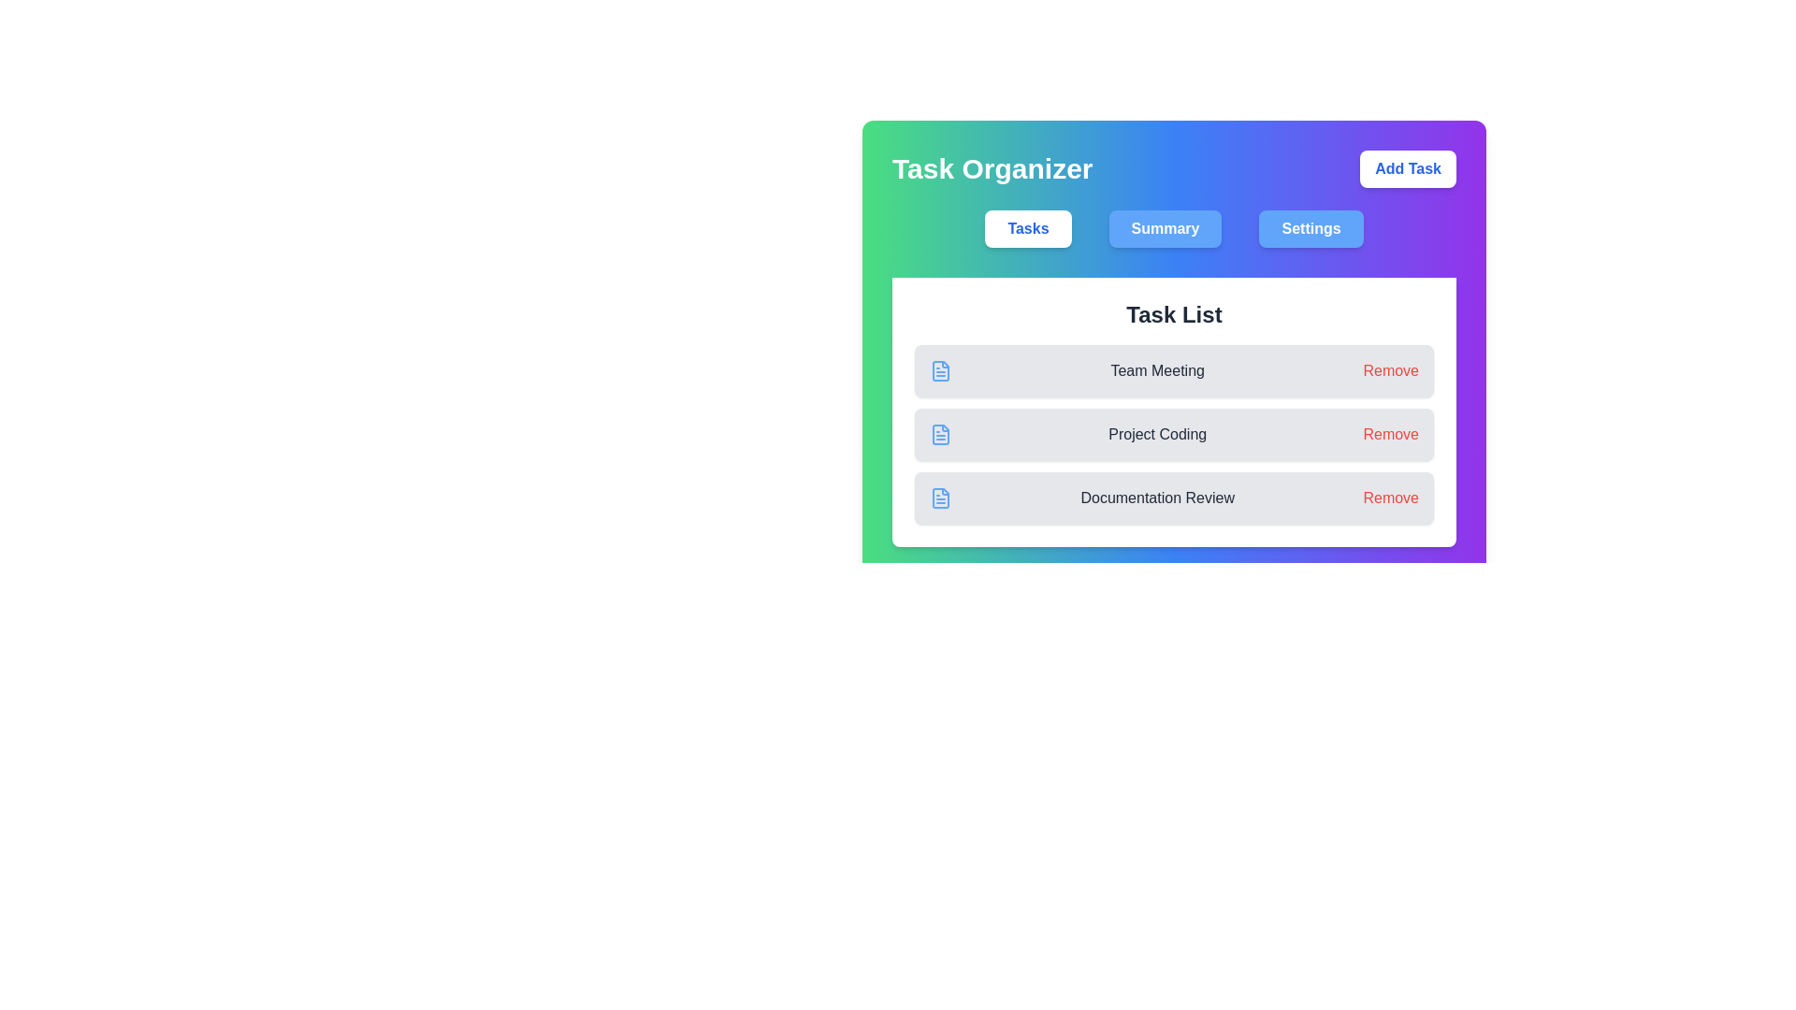 This screenshot has width=1796, height=1010. What do you see at coordinates (1173, 371) in the screenshot?
I see `the 'Team Meeting' task name text in the first list item to edit or view details` at bounding box center [1173, 371].